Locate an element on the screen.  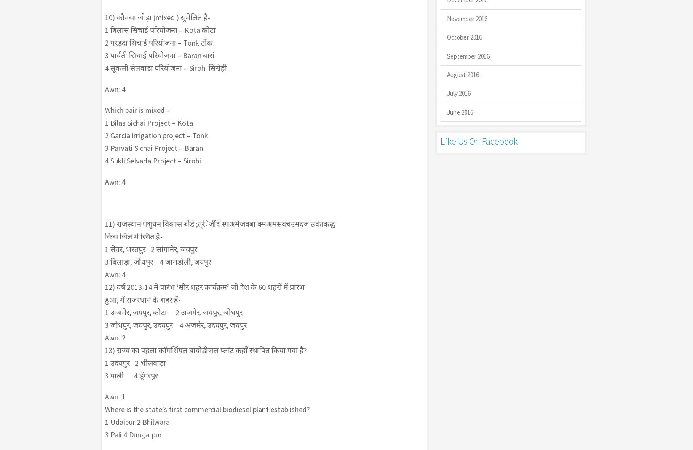
'1 सेवर, भरतपुर   2 सांगानेर, जयपुर' is located at coordinates (104, 249).